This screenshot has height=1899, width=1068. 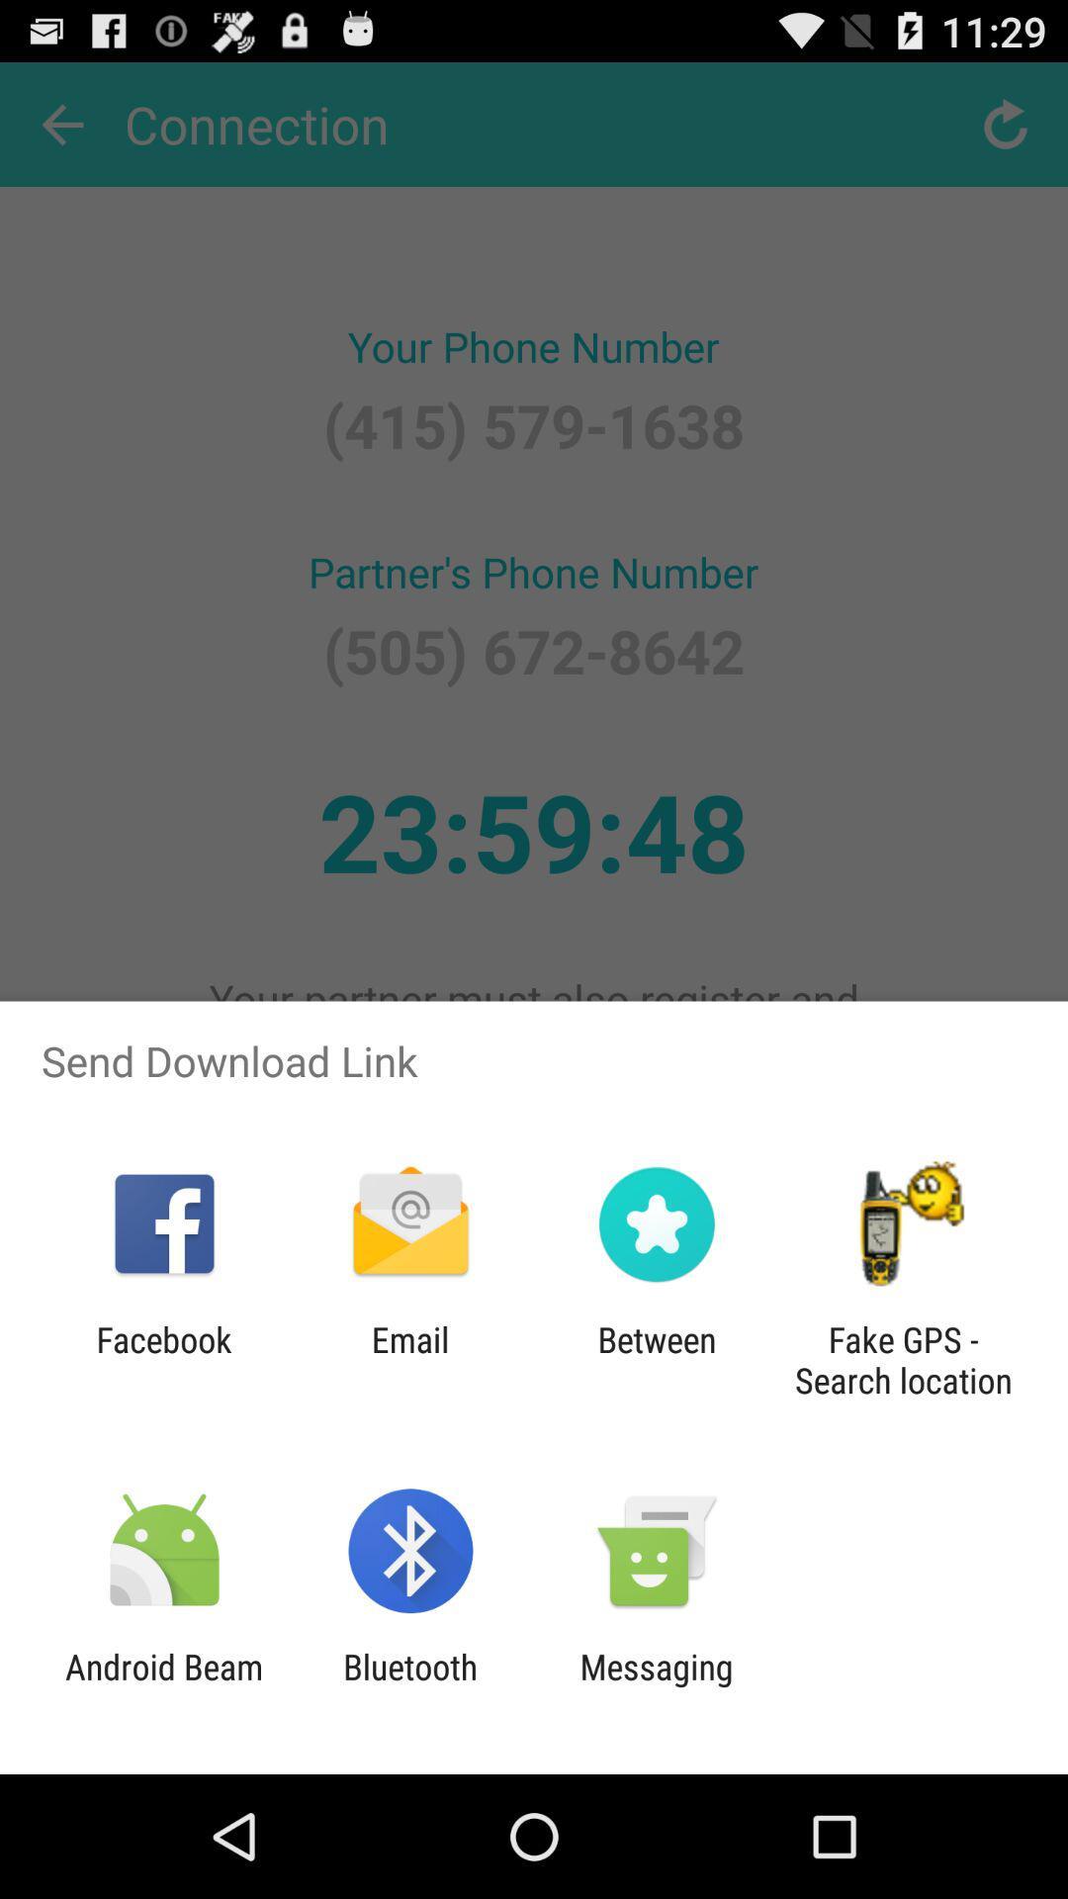 I want to click on the fake gps search item, so click(x=903, y=1359).